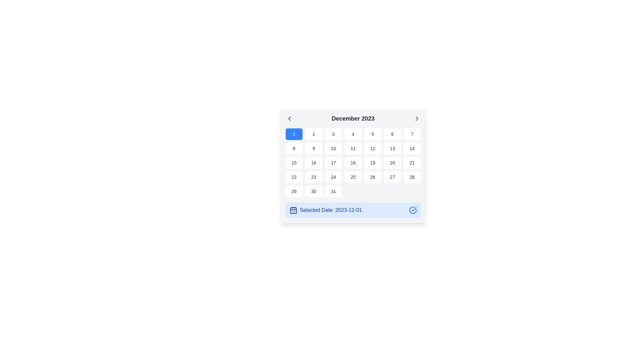  What do you see at coordinates (413, 209) in the screenshot?
I see `the Vector Icon (Checkmark) located in the bottom-right corner of the light blue bar that displays the selected date in the calendar widget` at bounding box center [413, 209].